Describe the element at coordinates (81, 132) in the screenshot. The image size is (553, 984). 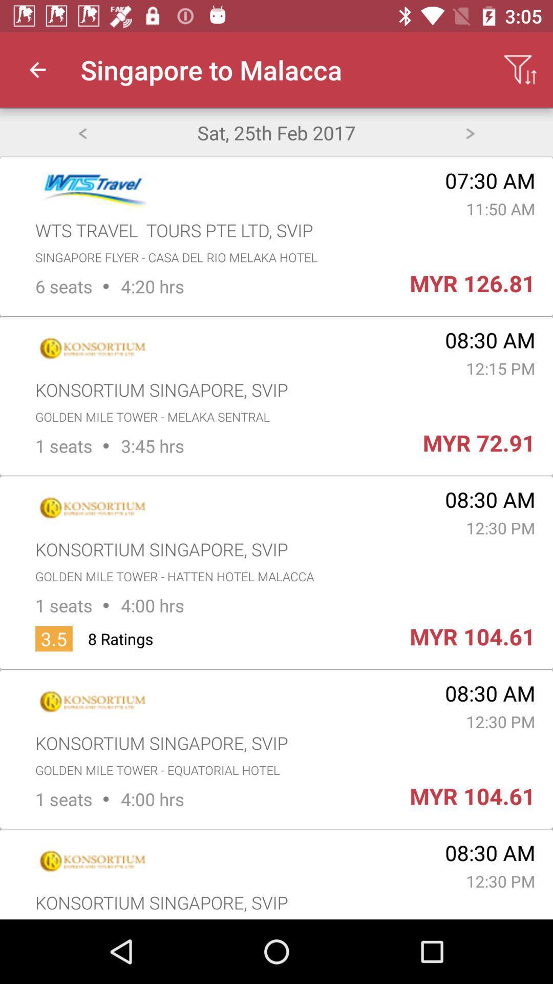
I see `the arrow_backward icon` at that location.